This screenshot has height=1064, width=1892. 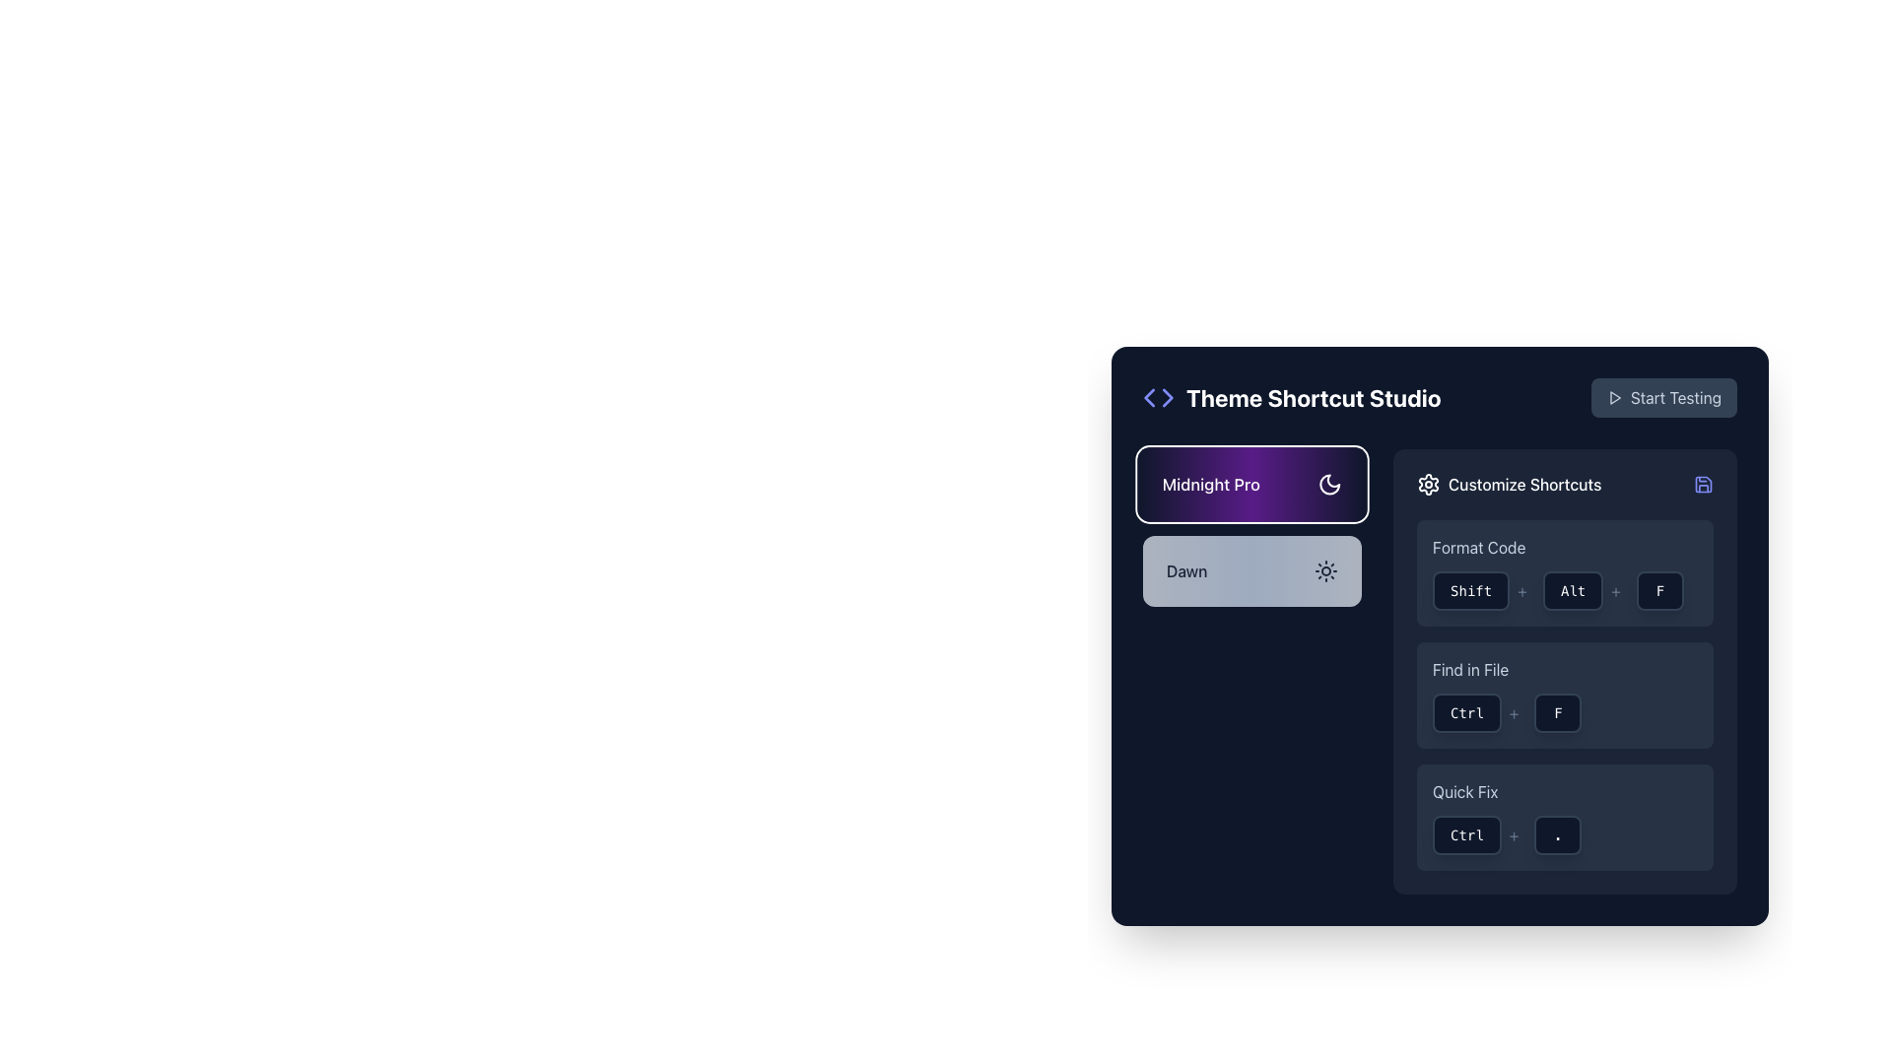 I want to click on the rectangular button labeled 'Midnight Pro' with a gradient background, so click(x=1251, y=485).